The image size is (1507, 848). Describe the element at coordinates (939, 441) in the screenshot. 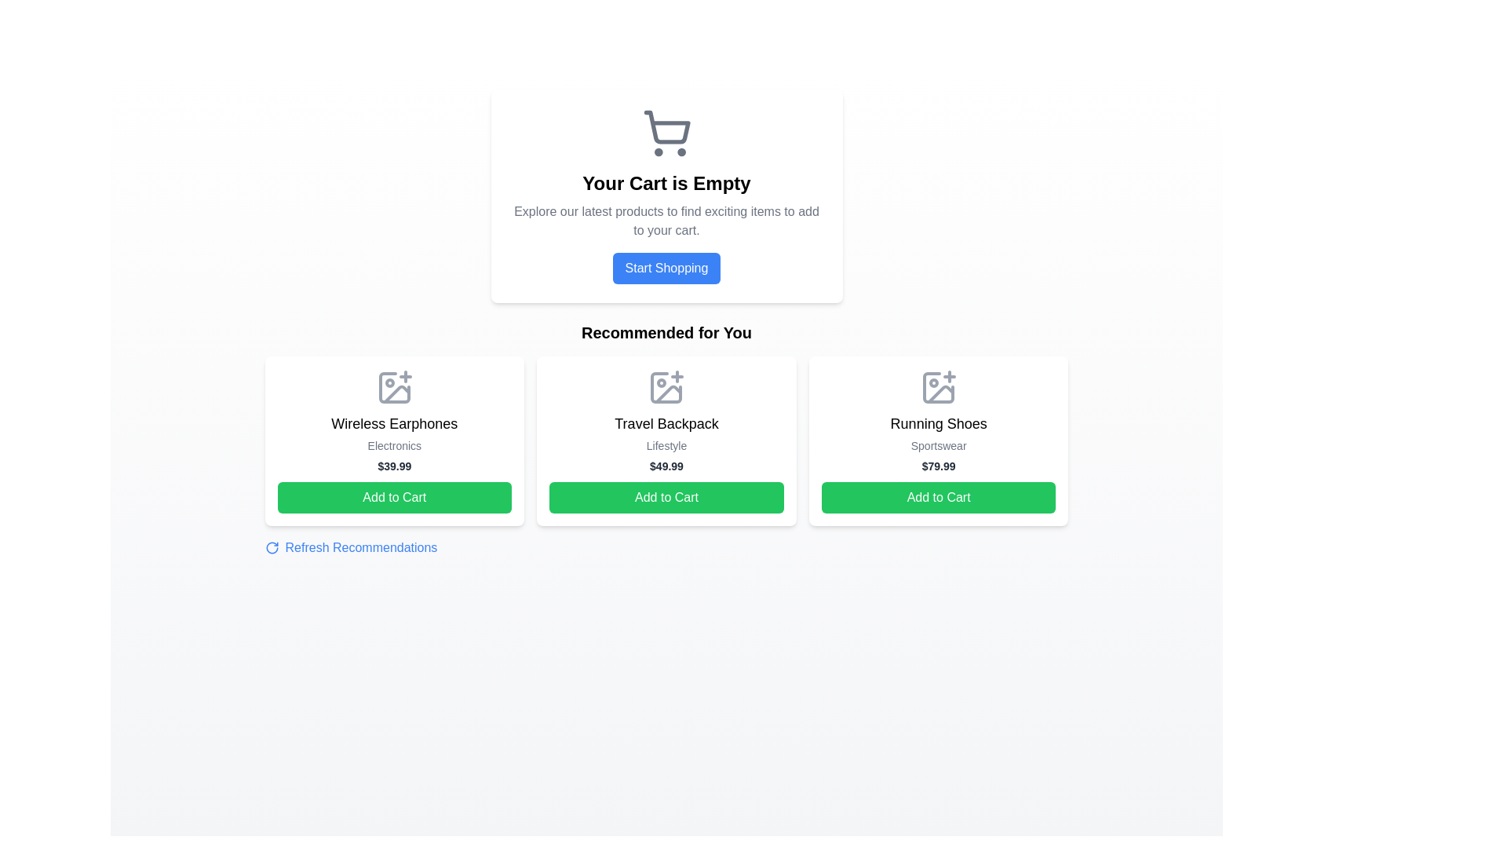

I see `product information text on the 'Running Shoes' Product Card, which is the rightmost card in a row of three cards located below the 'Recommended for You' section` at that location.